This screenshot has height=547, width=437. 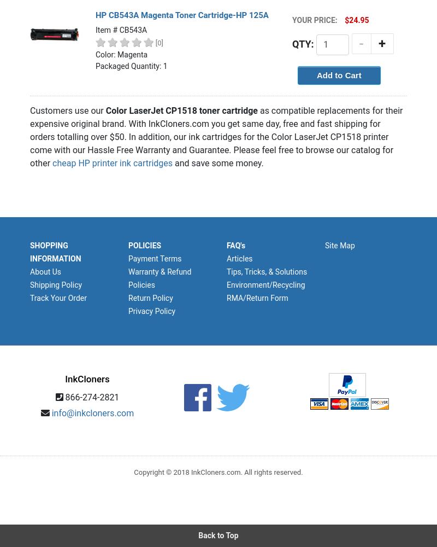 I want to click on 'SHOPPING INFORMATION', so click(x=55, y=252).